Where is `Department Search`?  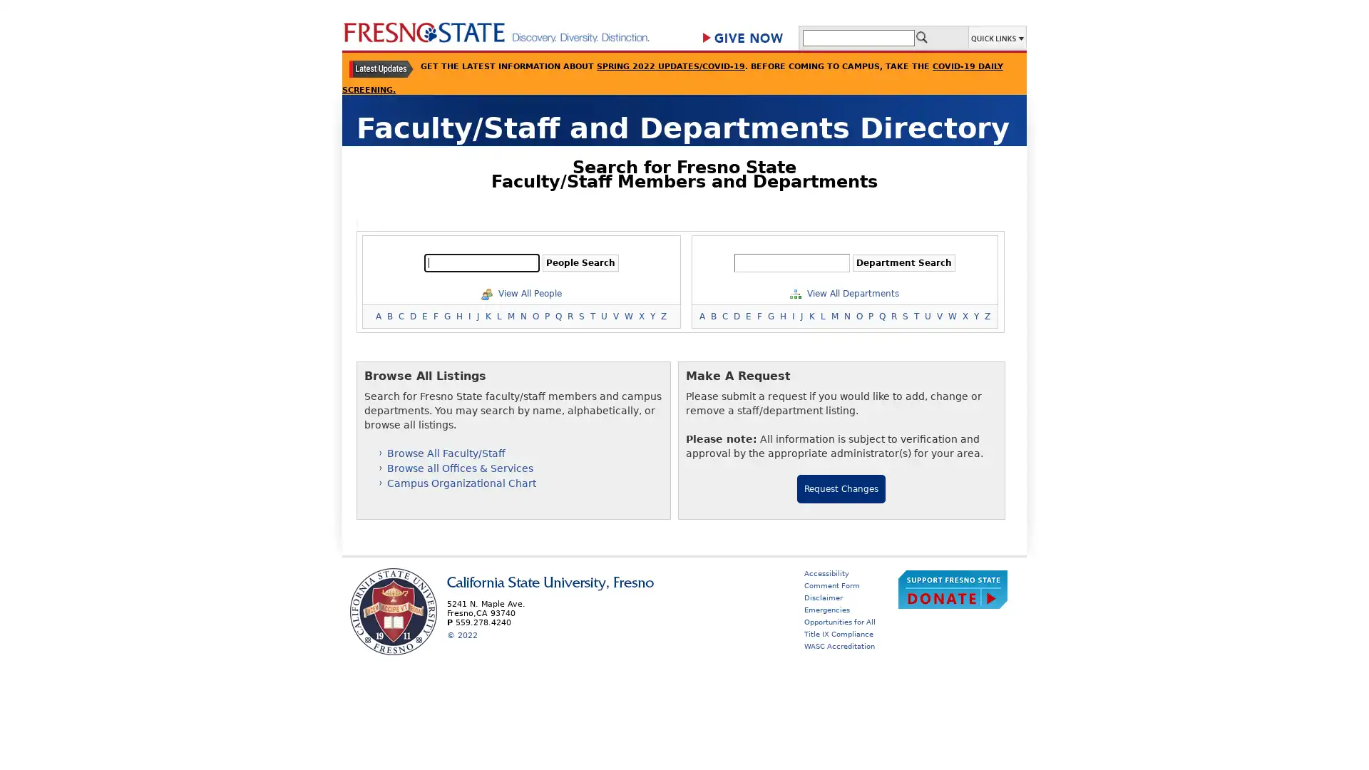 Department Search is located at coordinates (903, 263).